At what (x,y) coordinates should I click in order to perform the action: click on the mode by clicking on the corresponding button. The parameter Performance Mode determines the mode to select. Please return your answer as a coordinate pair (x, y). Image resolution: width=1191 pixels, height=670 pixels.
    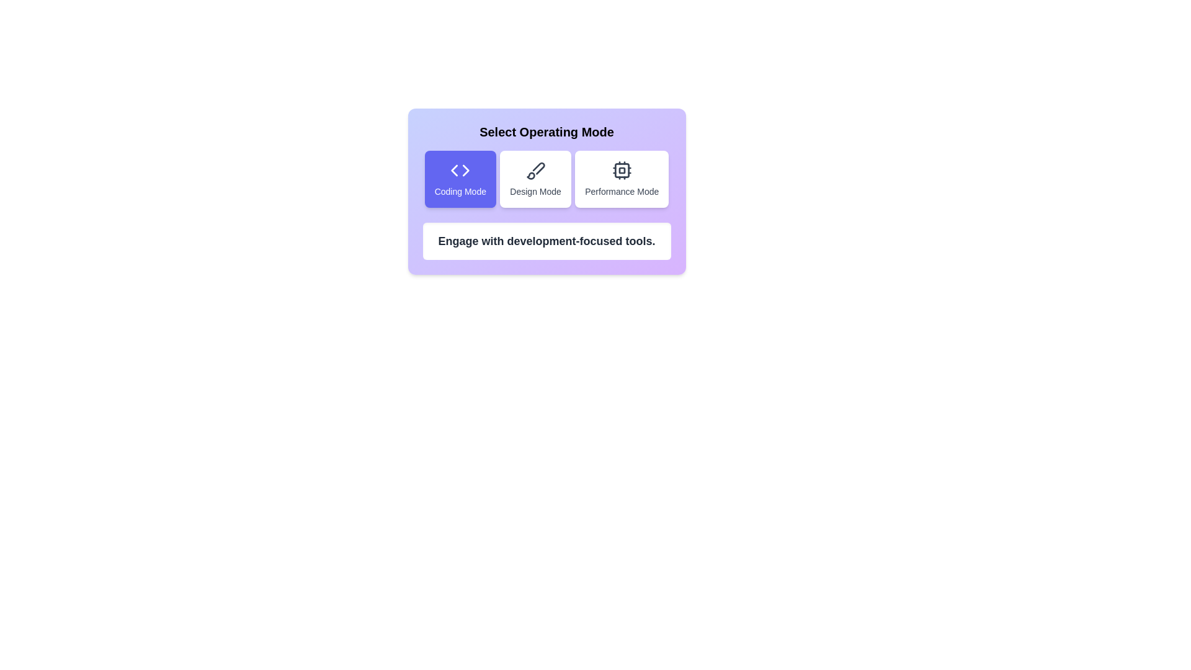
    Looking at the image, I should click on (622, 179).